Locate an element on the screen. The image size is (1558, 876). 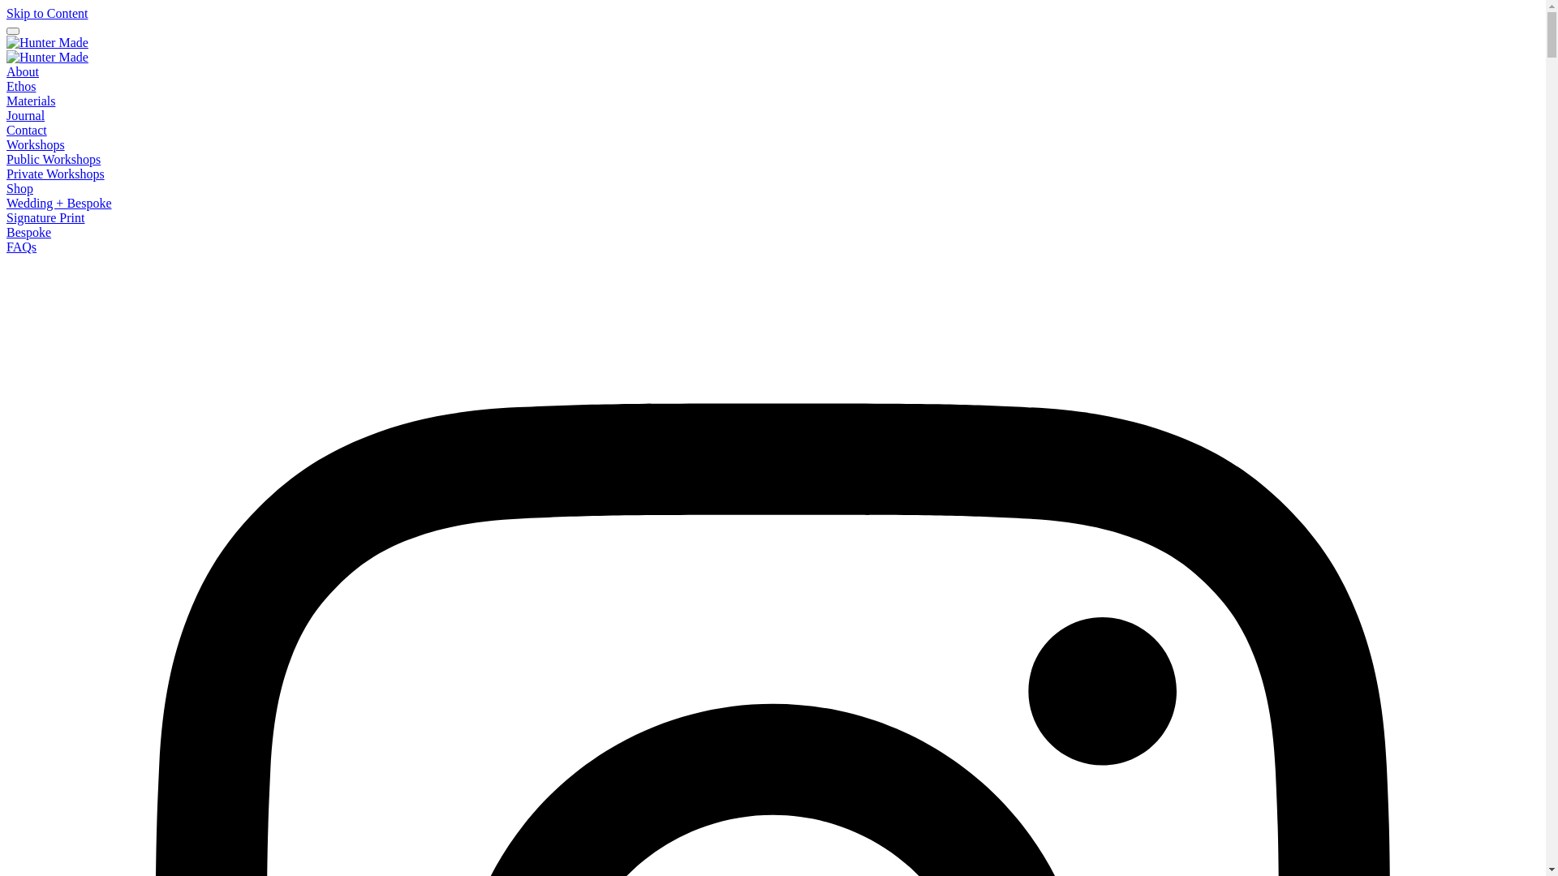
'Journal' is located at coordinates (6, 114).